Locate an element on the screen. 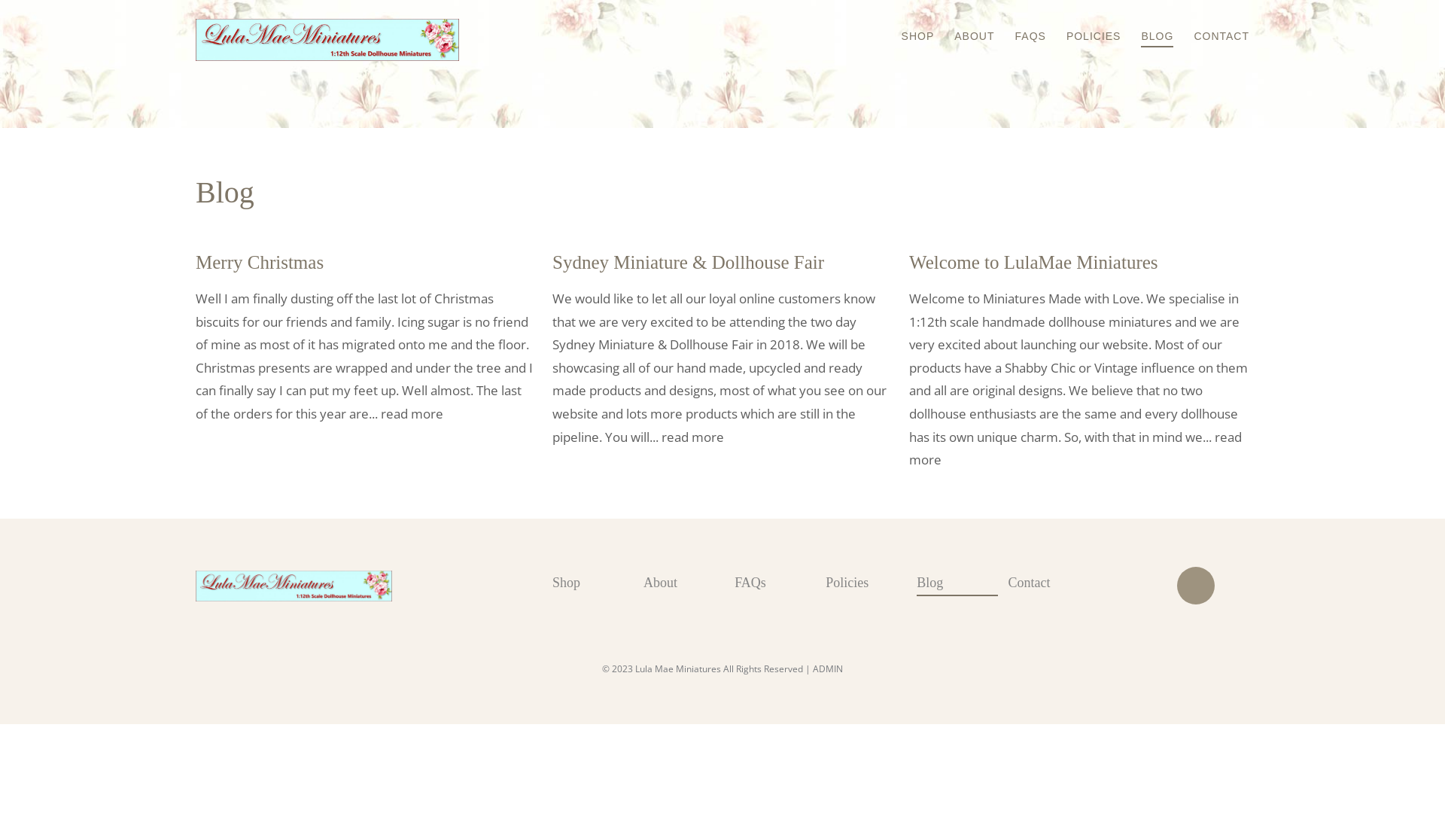 This screenshot has width=1445, height=813. 'POLICIES' is located at coordinates (1085, 26).